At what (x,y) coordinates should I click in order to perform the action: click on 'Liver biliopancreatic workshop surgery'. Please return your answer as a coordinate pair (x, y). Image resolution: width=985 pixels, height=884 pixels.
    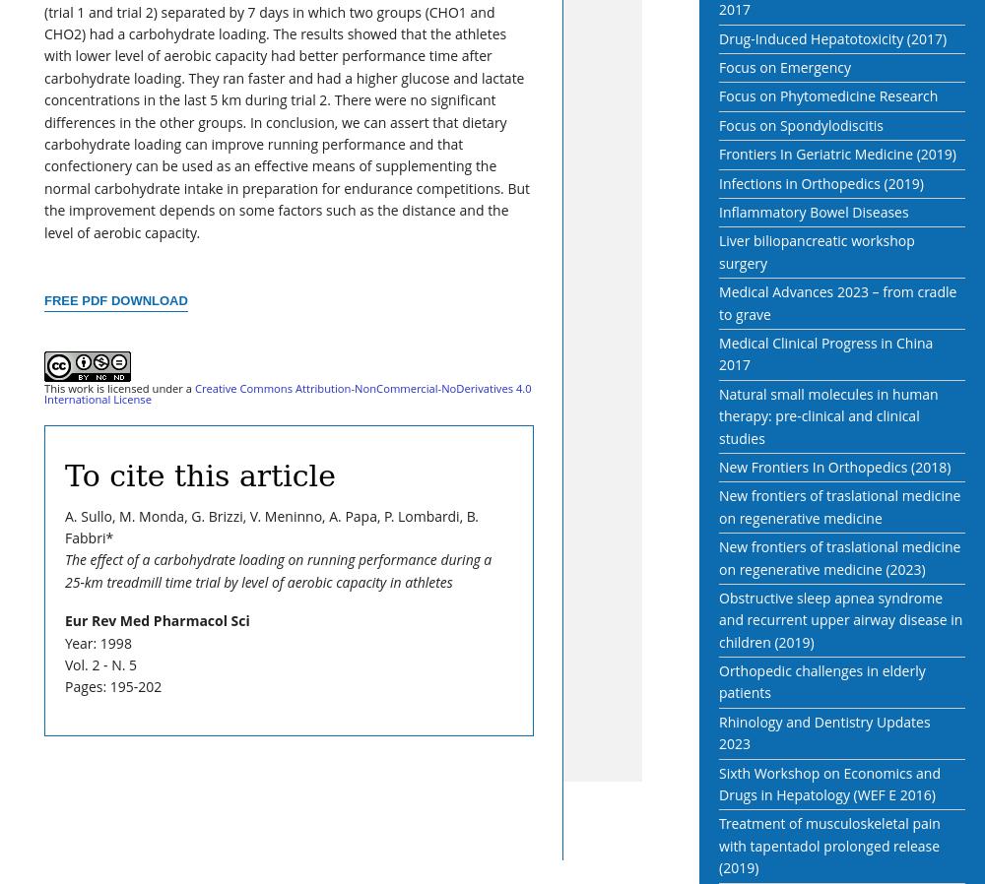
    Looking at the image, I should click on (816, 251).